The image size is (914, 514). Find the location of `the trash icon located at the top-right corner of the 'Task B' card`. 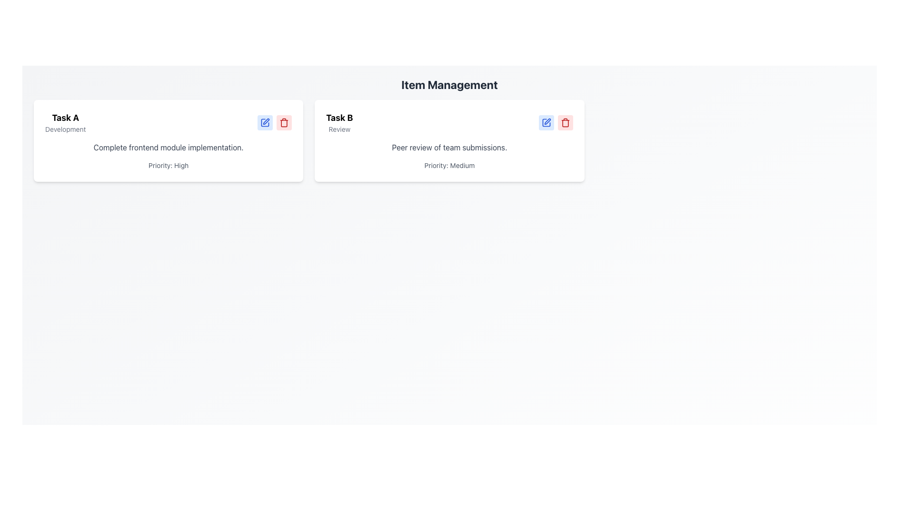

the trash icon located at the top-right corner of the 'Task B' card is located at coordinates (284, 123).